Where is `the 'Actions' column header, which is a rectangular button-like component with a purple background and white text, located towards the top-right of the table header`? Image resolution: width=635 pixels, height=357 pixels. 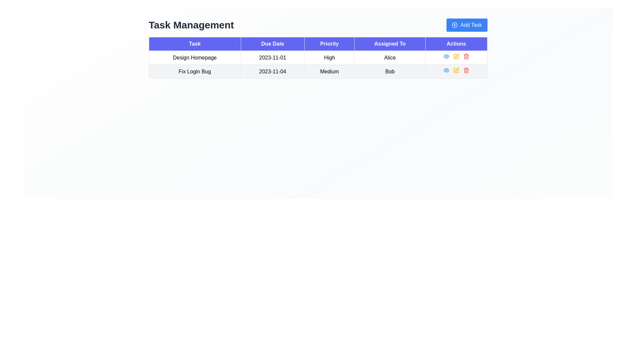 the 'Actions' column header, which is a rectangular button-like component with a purple background and white text, located towards the top-right of the table header is located at coordinates (456, 44).